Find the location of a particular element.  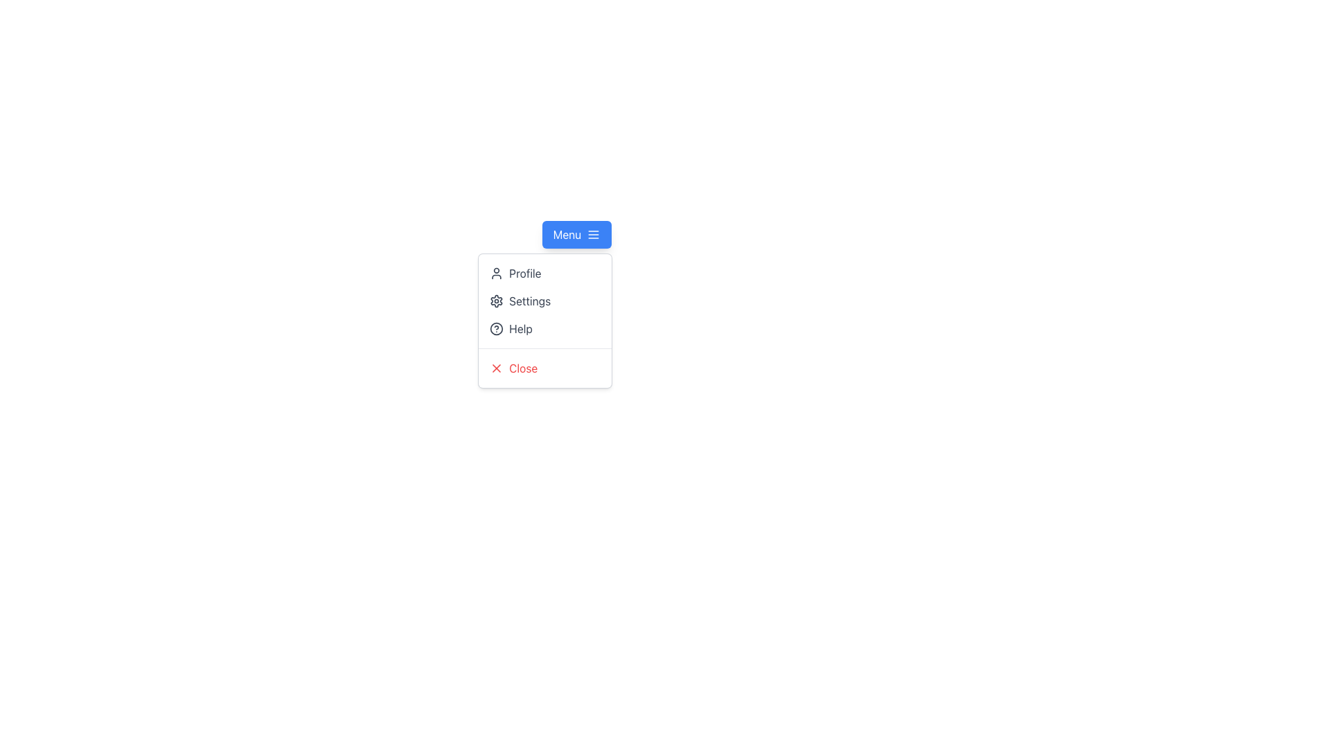

the 'Profile' icon located at the top left of the menu items list, adjacent to the text label 'Profile' is located at coordinates (497, 273).